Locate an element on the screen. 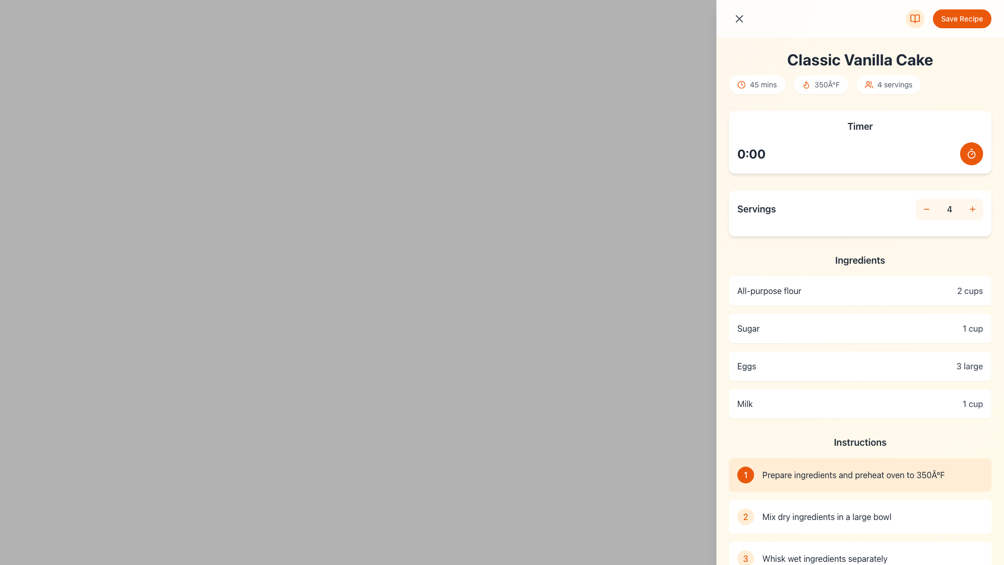  the static text display showing the number '4', which is centered within a light orange background block, situated between decrement and increment buttons in the 'Servings' section is located at coordinates (949, 209).